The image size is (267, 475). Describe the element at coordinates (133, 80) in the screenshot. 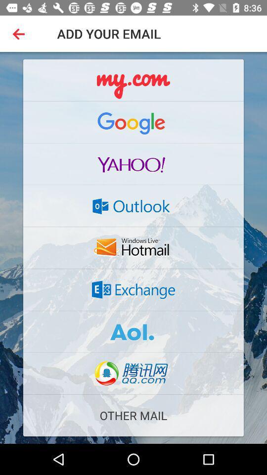

I see `my.com email` at that location.